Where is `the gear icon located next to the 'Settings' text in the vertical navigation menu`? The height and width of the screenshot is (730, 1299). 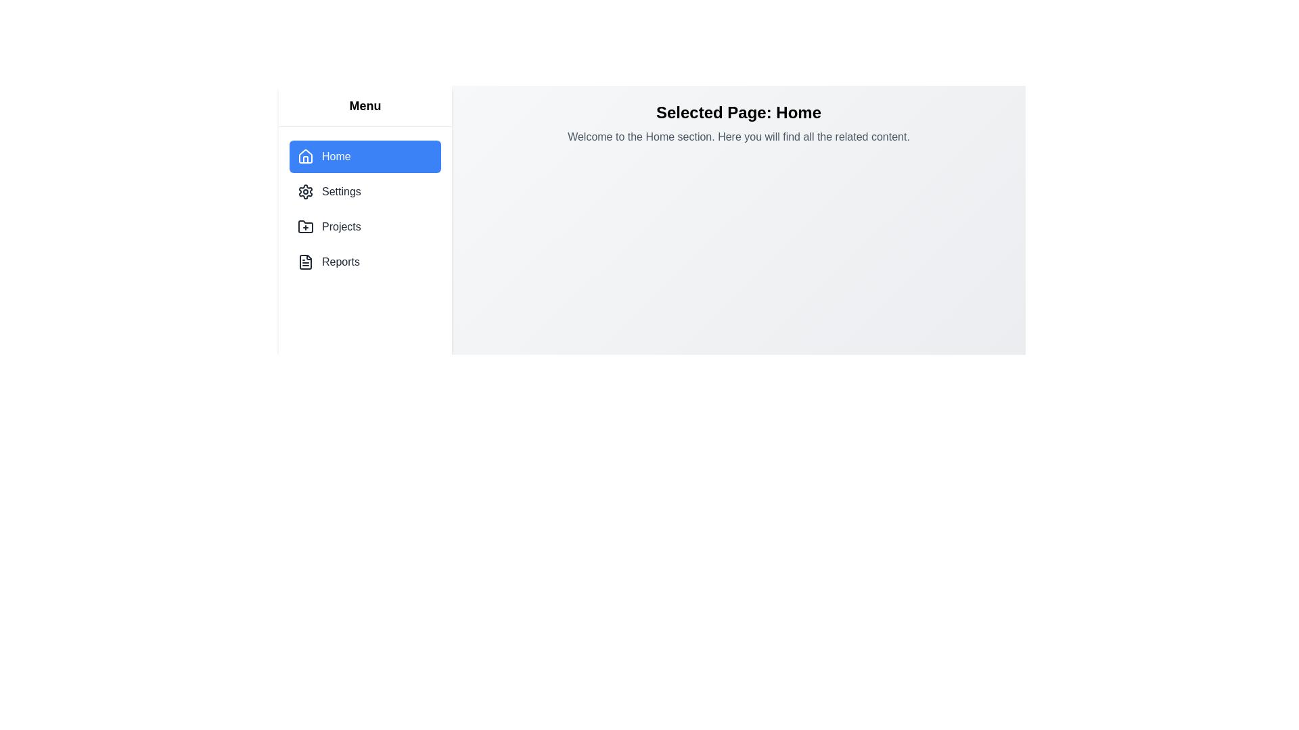 the gear icon located next to the 'Settings' text in the vertical navigation menu is located at coordinates (304, 192).